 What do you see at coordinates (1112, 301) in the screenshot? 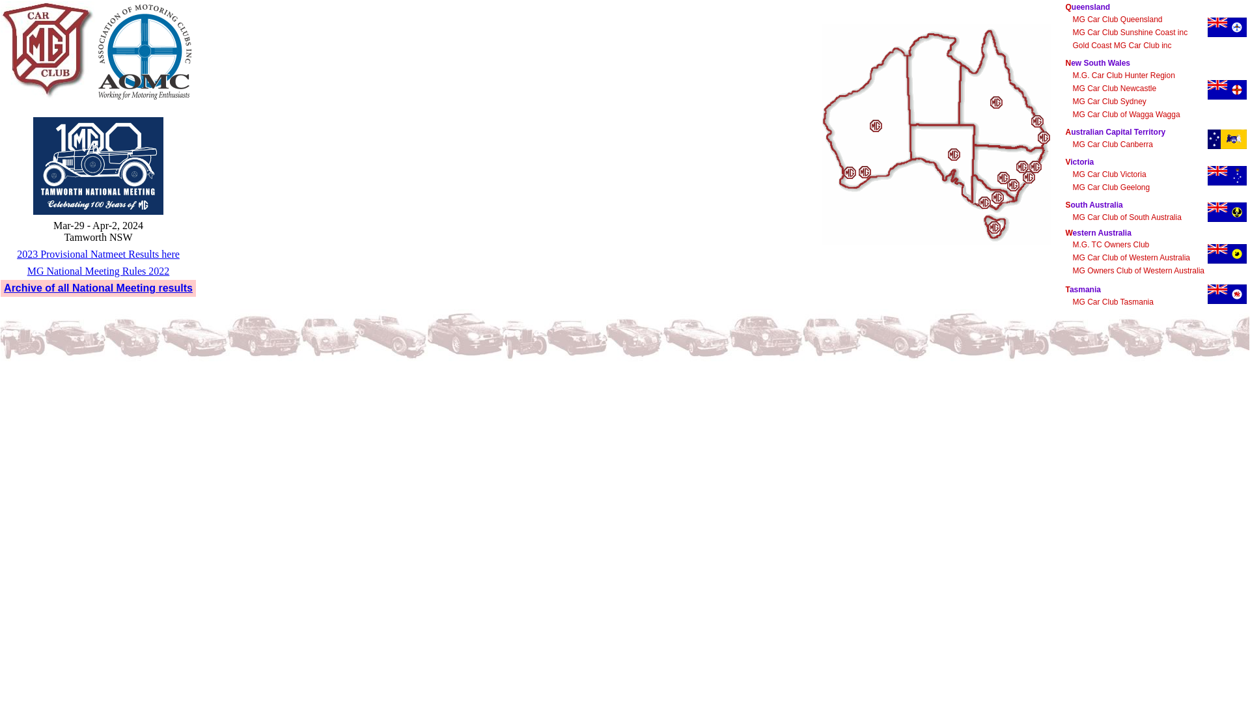
I see `'MG Car Club Tasmania'` at bounding box center [1112, 301].